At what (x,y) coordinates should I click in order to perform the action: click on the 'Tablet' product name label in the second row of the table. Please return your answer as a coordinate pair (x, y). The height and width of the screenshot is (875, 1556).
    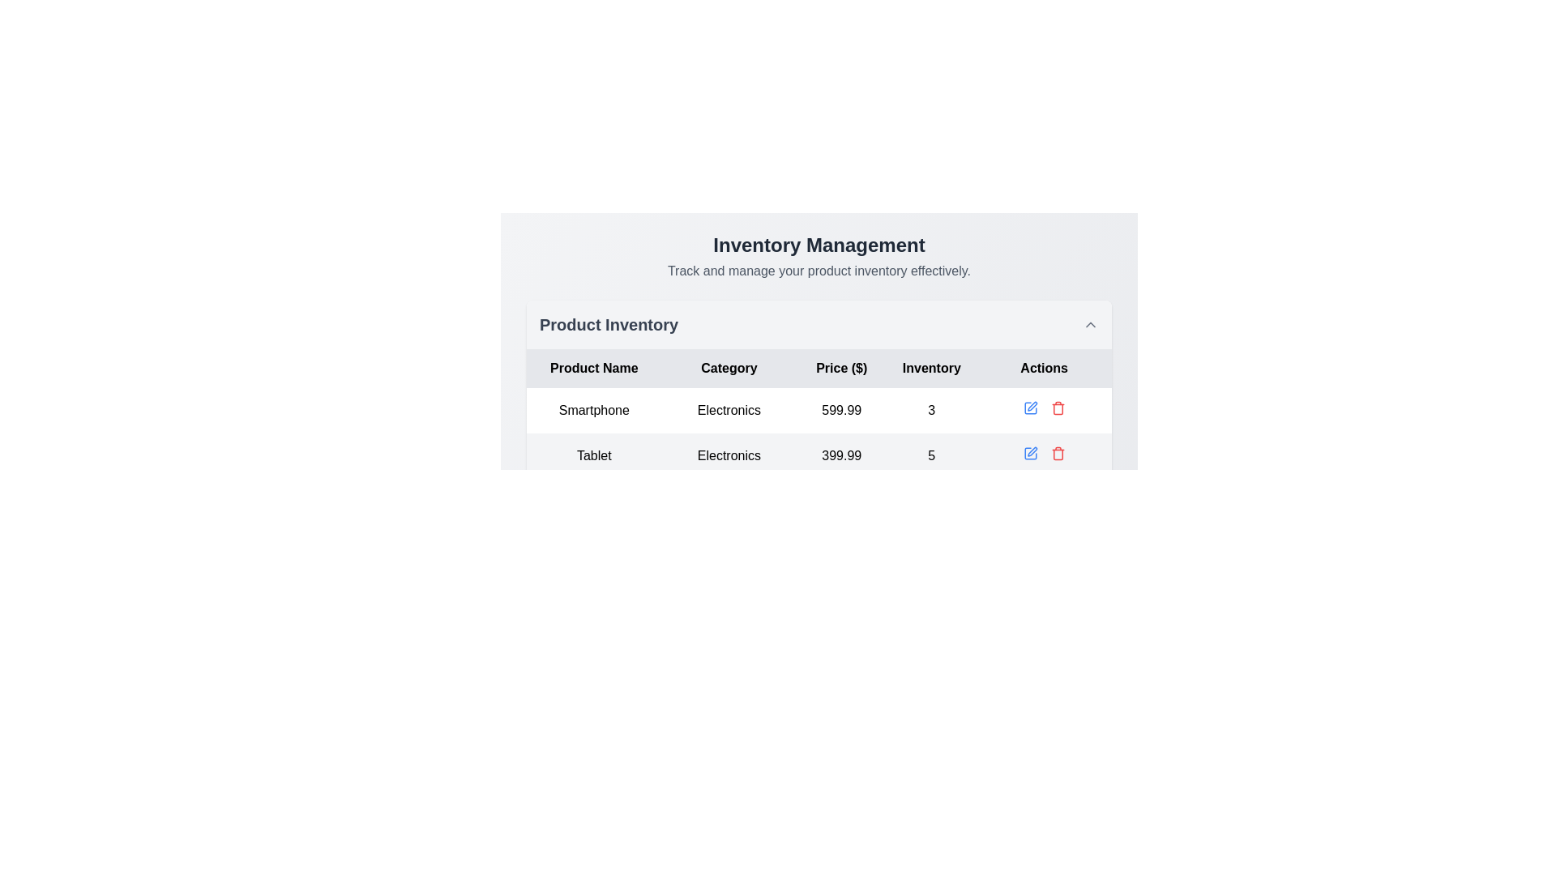
    Looking at the image, I should click on (593, 456).